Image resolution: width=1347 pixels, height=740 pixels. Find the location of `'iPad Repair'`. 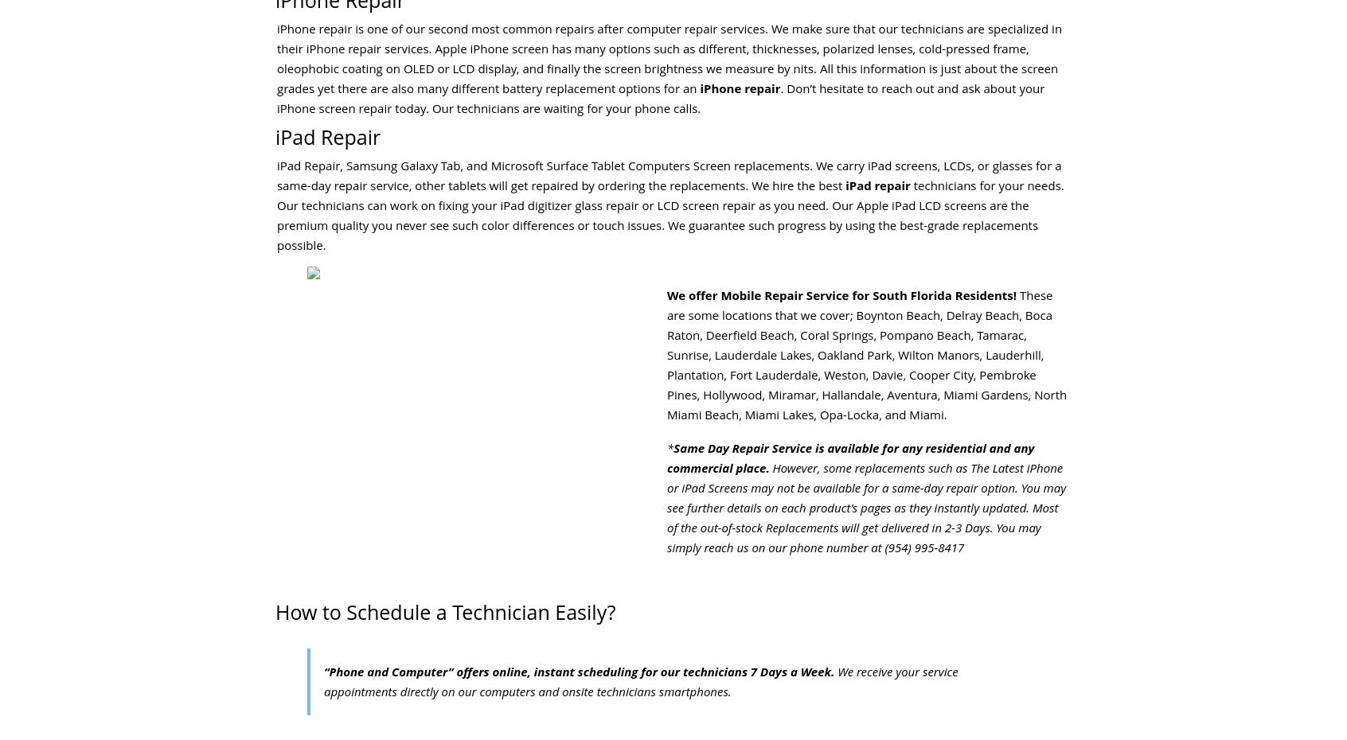

'iPad Repair' is located at coordinates (327, 135).